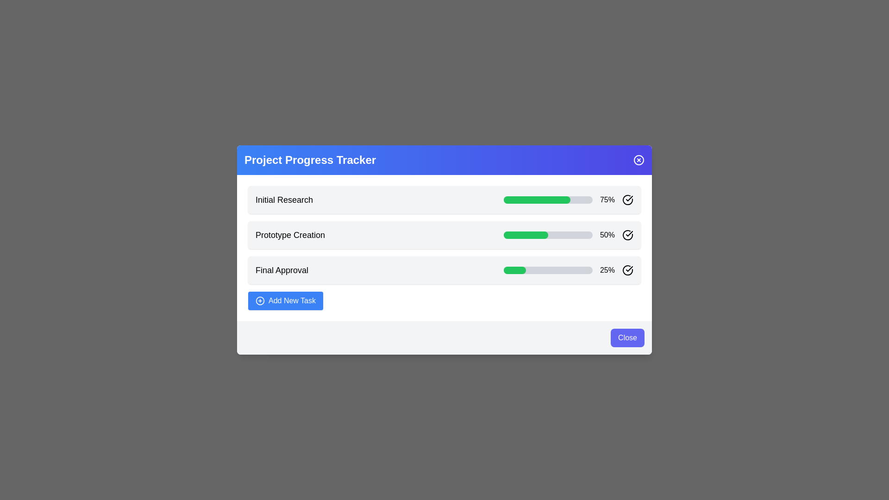 This screenshot has width=889, height=500. What do you see at coordinates (259, 301) in the screenshot?
I see `the decorative icon on the left side of the 'Add New Task' button located at the bottom left corner of the modal interface` at bounding box center [259, 301].